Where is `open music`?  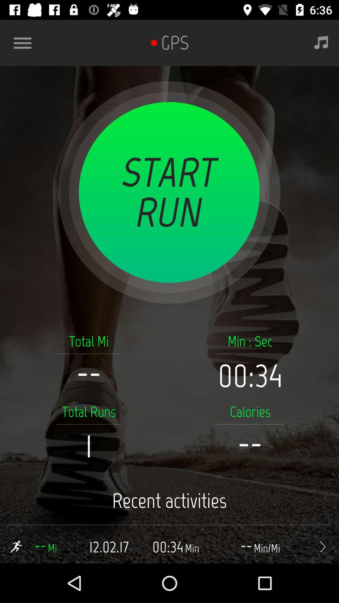 open music is located at coordinates (321, 42).